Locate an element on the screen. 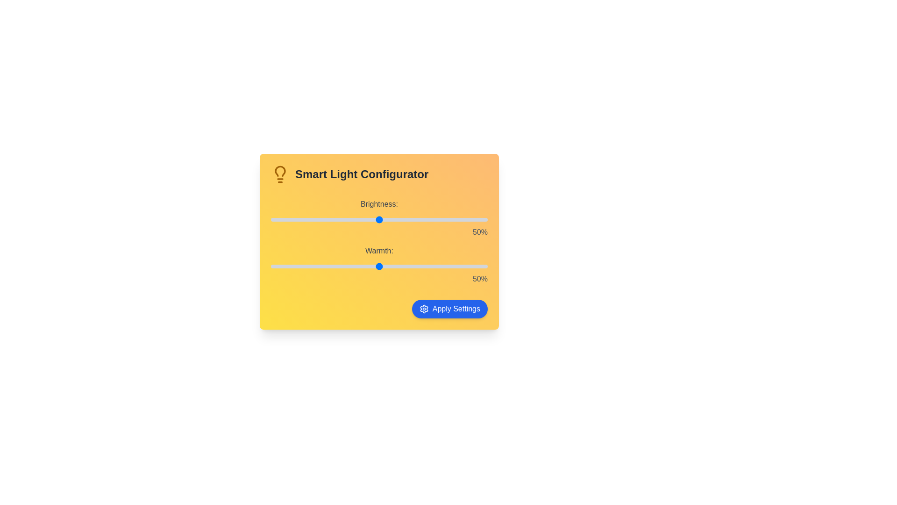 The height and width of the screenshot is (505, 897). the gear-shaped settings icon located at the bottom-right corner of the interface, inside the 'Apply Settings' button is located at coordinates (423, 309).